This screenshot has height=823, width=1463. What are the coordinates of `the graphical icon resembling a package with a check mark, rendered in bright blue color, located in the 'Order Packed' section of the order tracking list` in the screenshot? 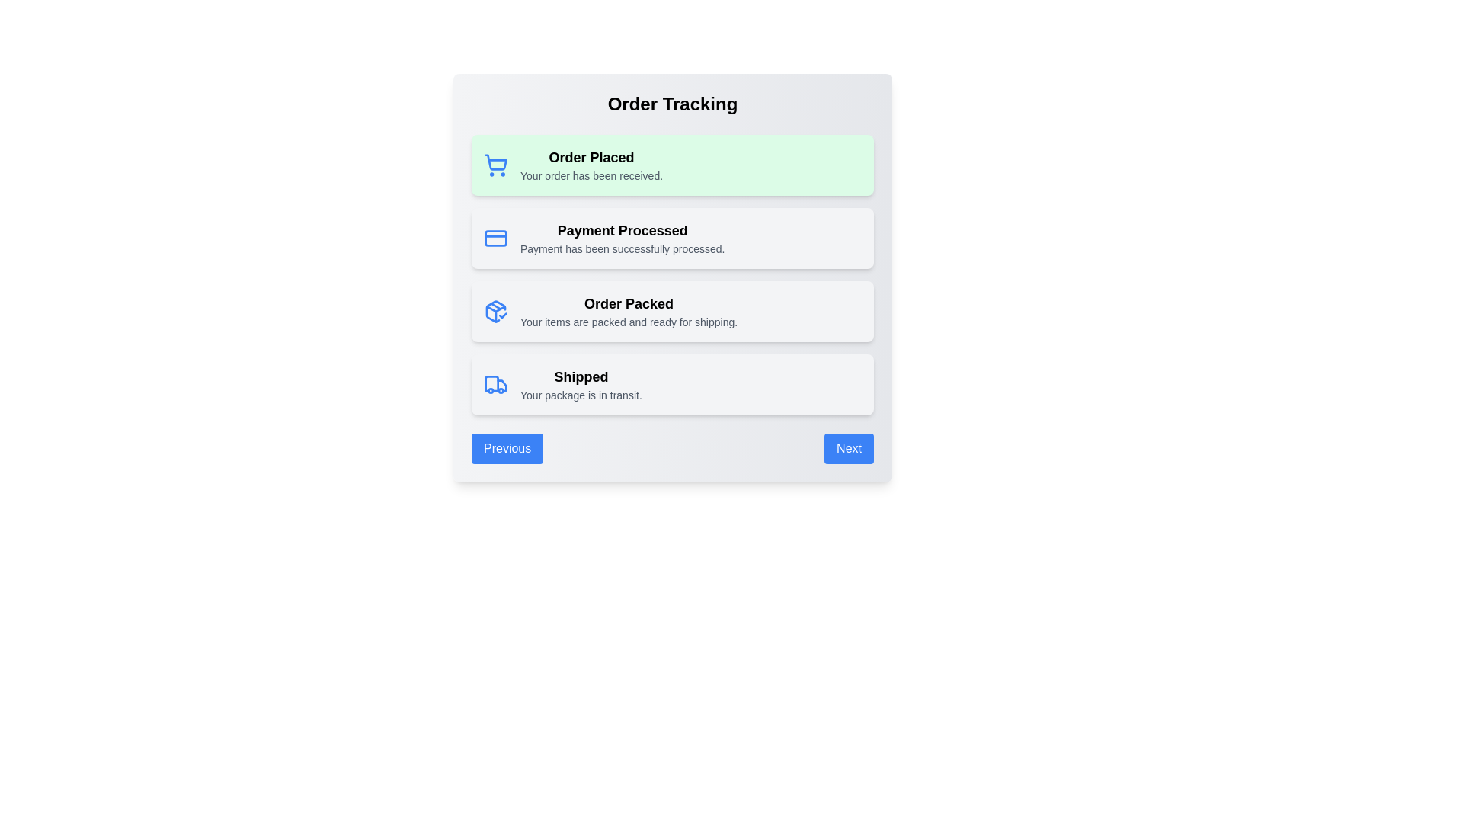 It's located at (496, 310).